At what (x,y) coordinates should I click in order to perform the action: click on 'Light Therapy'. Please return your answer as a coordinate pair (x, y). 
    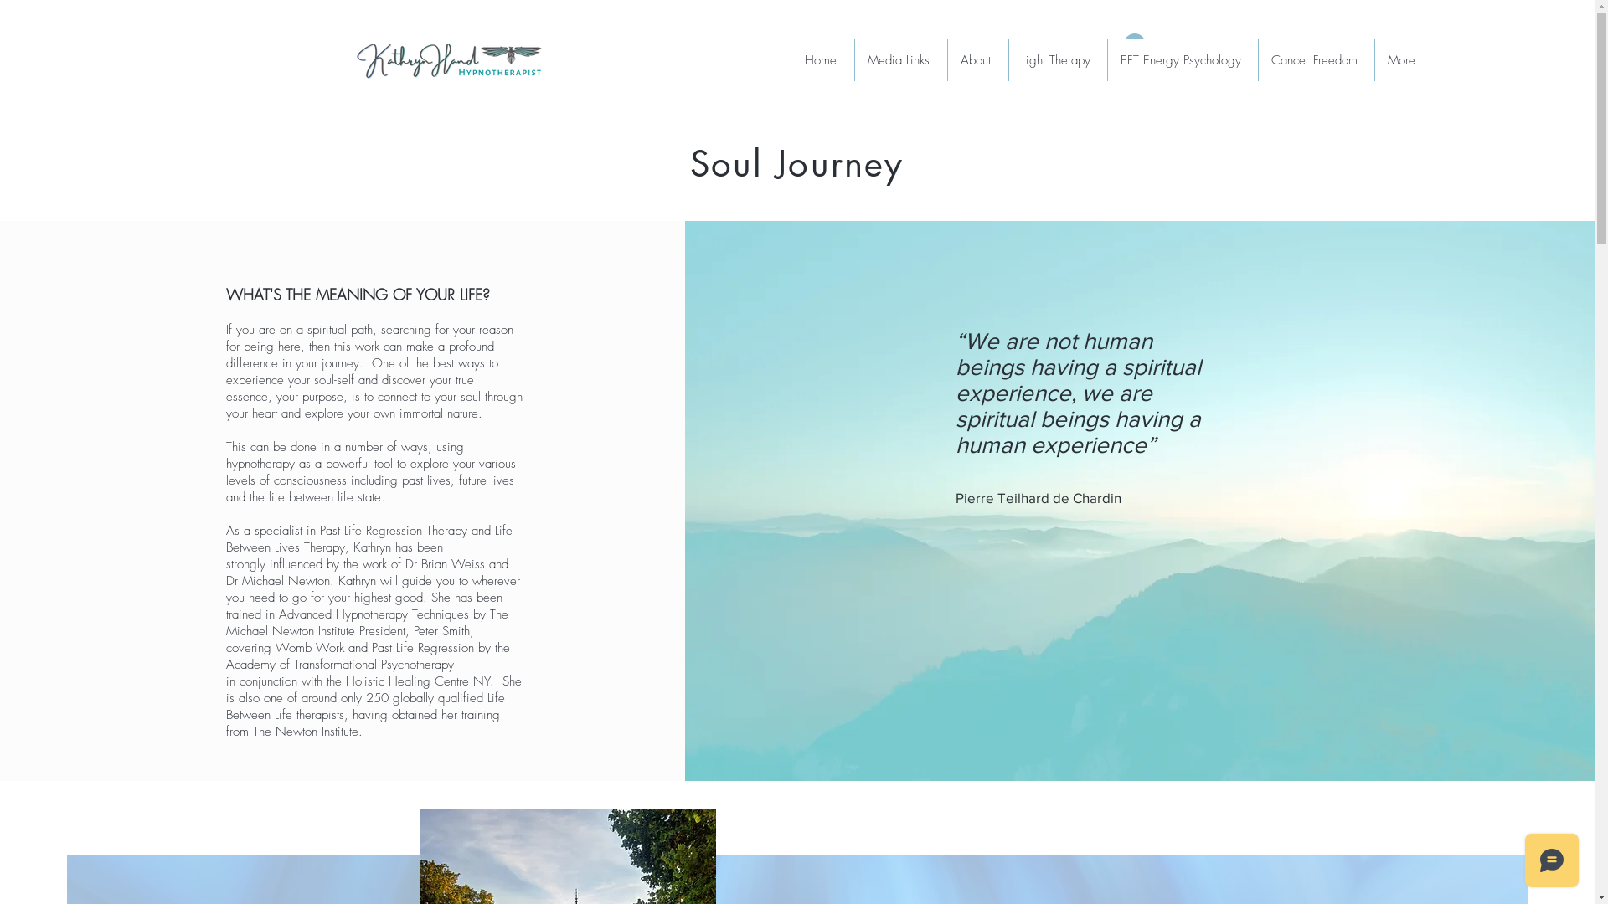
    Looking at the image, I should click on (1056, 59).